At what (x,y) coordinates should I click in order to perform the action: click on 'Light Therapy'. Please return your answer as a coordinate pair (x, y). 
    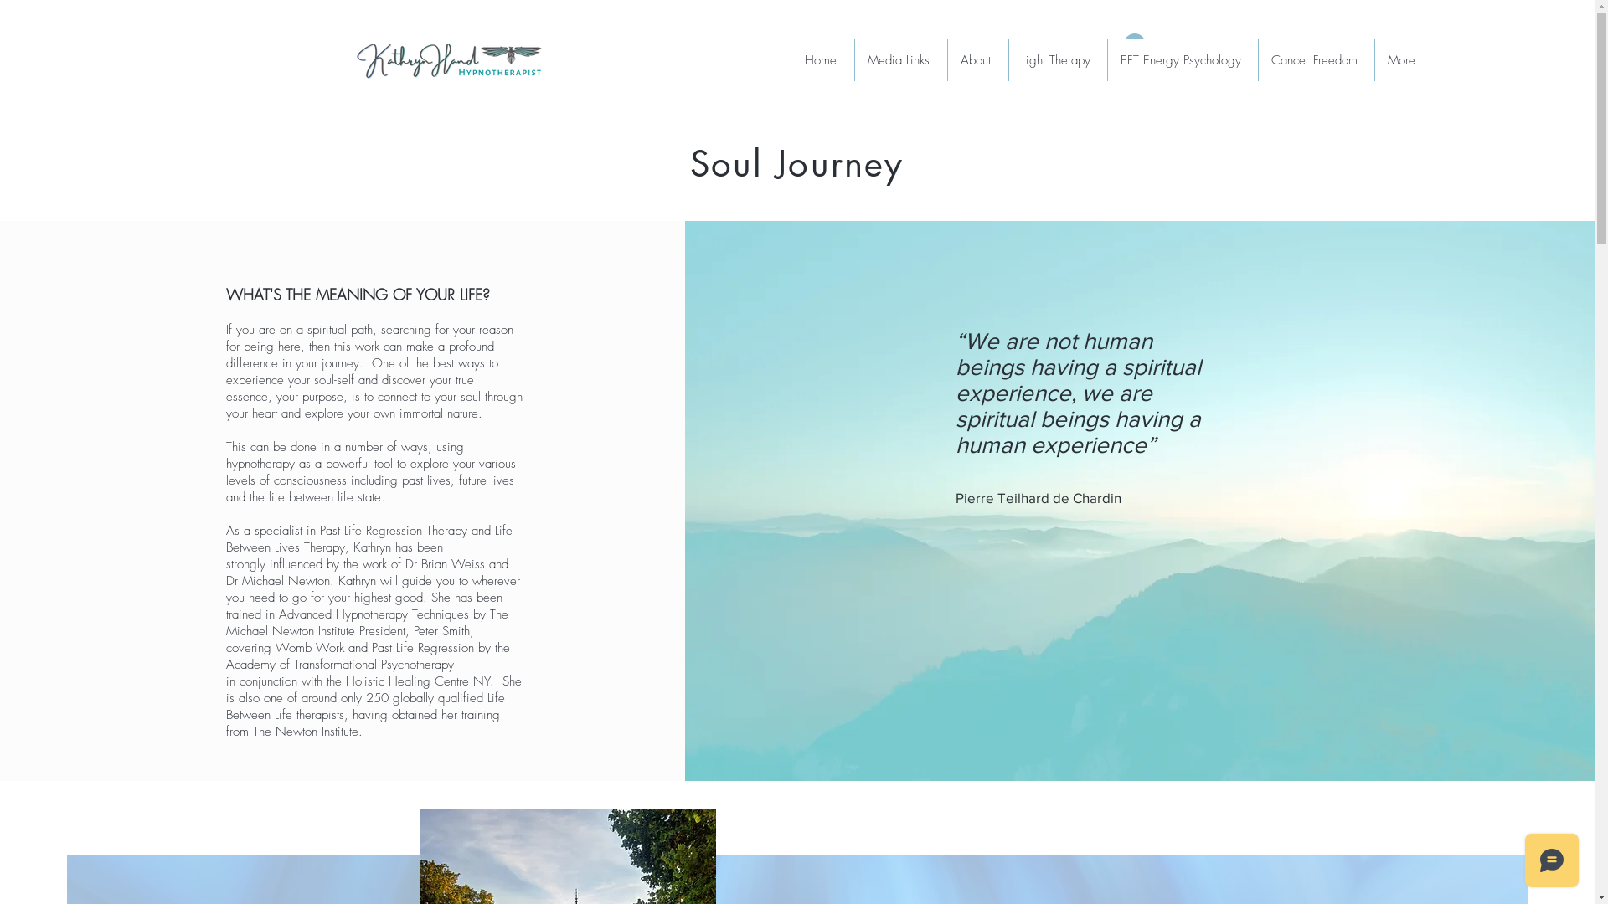
    Looking at the image, I should click on (1056, 59).